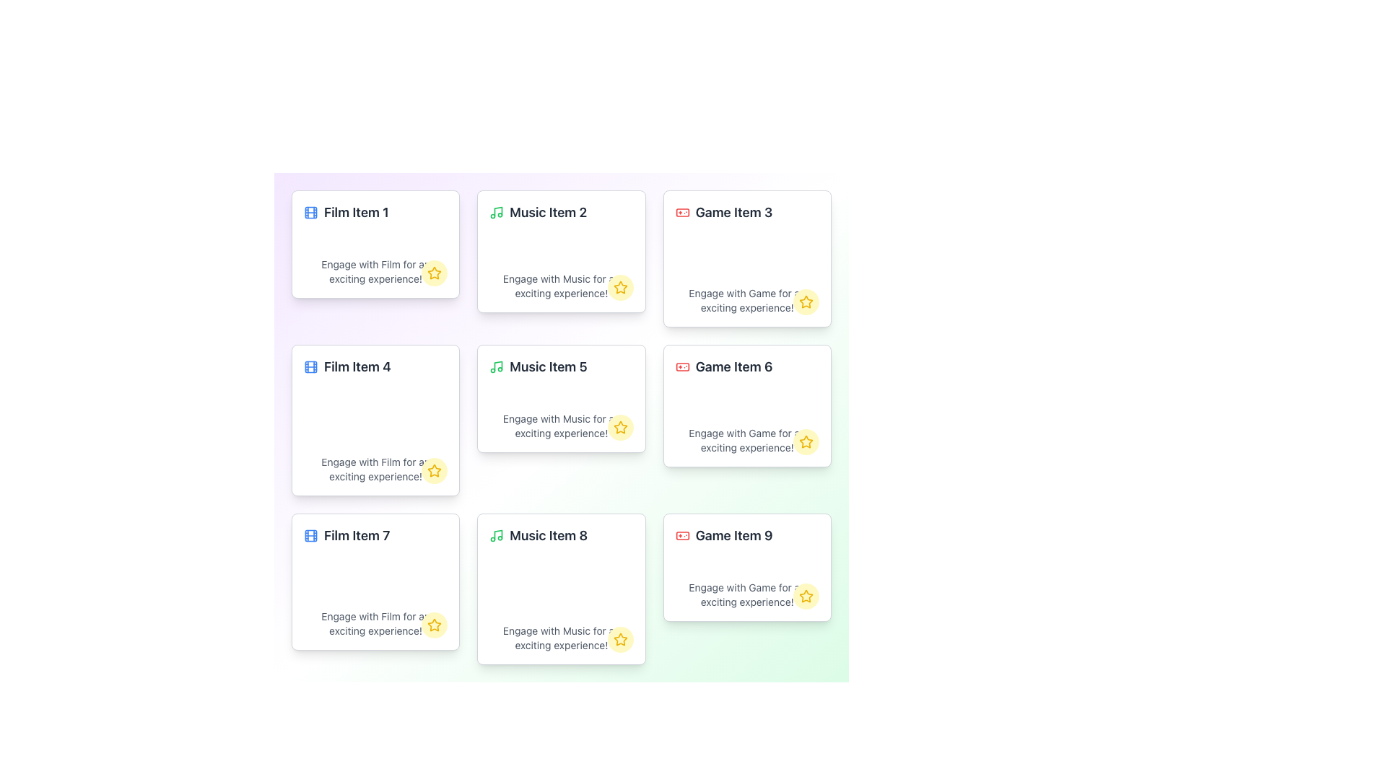  Describe the element at coordinates (433, 470) in the screenshot. I see `the star icon located at the bottom-right corner of the 'Film Item 4' card in the second row, first column of the grid layout to favorite the item` at that location.